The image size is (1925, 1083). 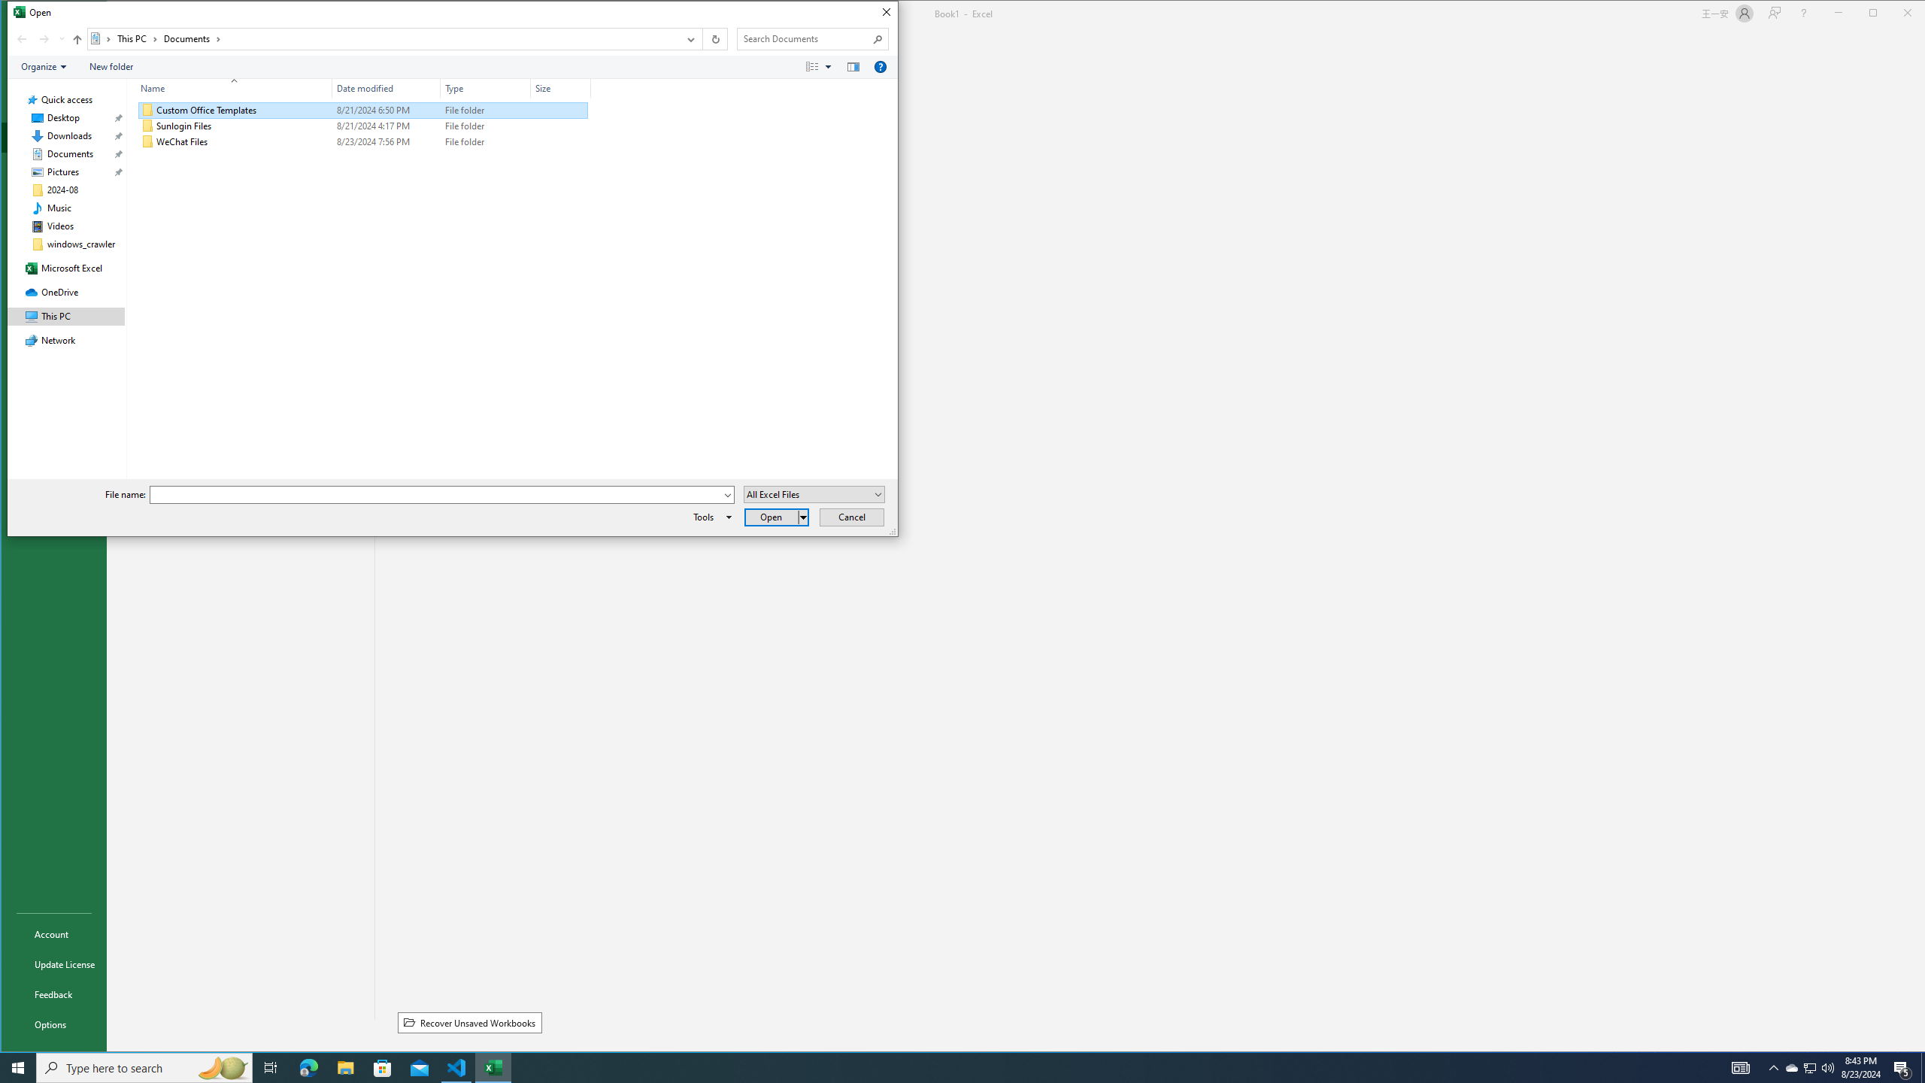 I want to click on 'Feedback', so click(x=53, y=994).